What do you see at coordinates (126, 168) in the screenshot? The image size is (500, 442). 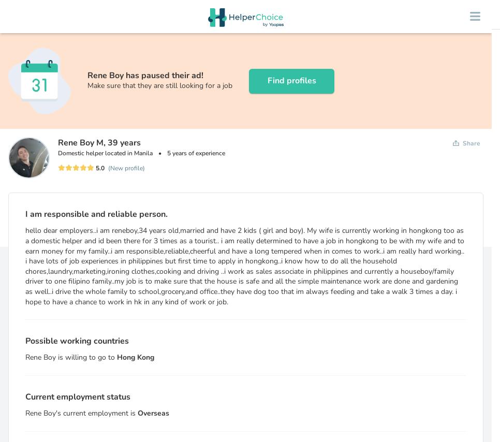 I see `'(New profile)'` at bounding box center [126, 168].